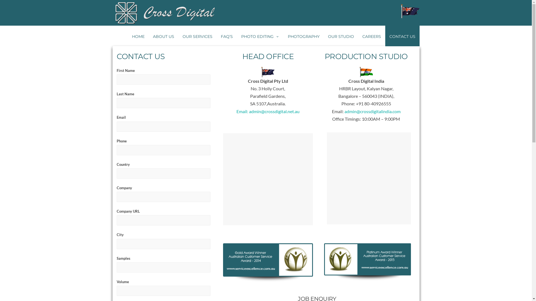 The width and height of the screenshot is (536, 301). I want to click on 'OUR SERVICES', so click(197, 36).